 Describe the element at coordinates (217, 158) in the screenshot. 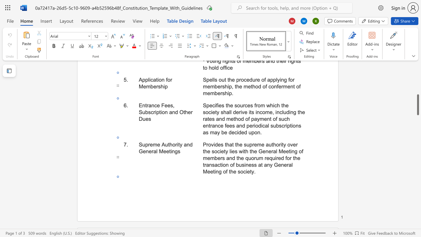

I see `the space between the continuous character "b" and "e" in the text` at that location.